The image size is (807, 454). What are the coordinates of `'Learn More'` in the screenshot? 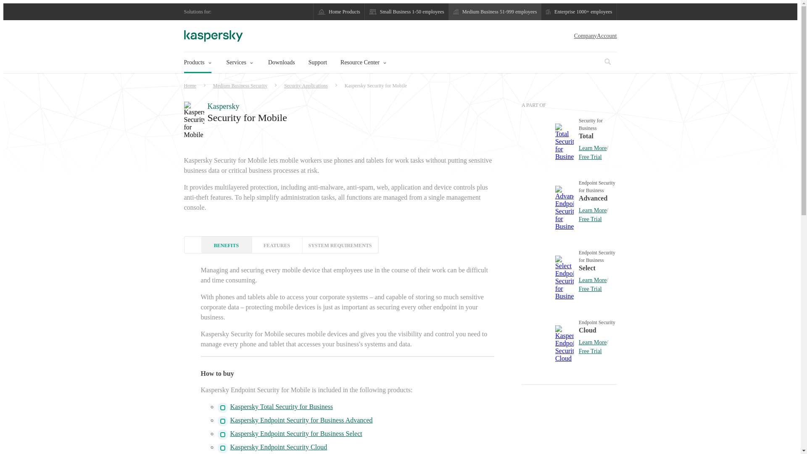 It's located at (592, 148).